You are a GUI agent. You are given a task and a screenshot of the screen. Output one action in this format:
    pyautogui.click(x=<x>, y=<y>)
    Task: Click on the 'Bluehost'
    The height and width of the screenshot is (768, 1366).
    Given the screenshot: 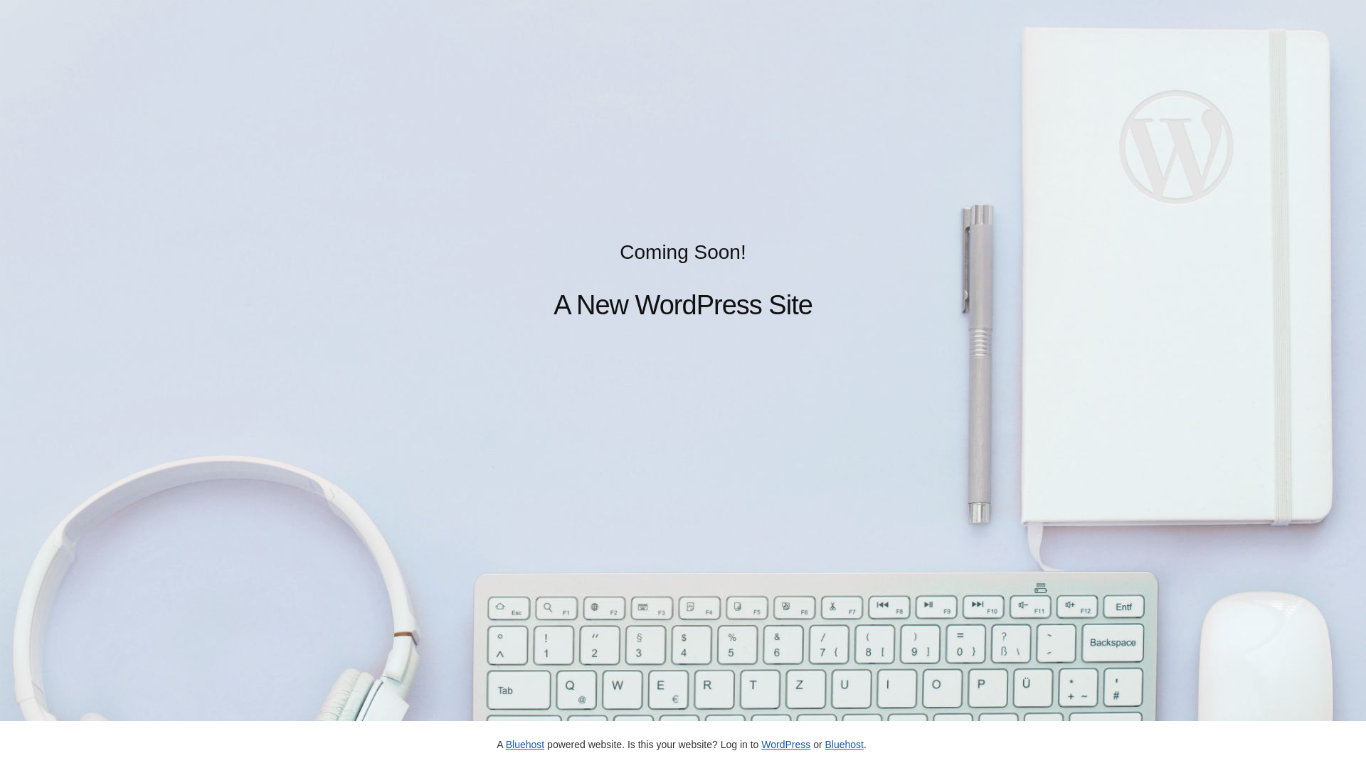 What is the action you would take?
    pyautogui.click(x=505, y=743)
    